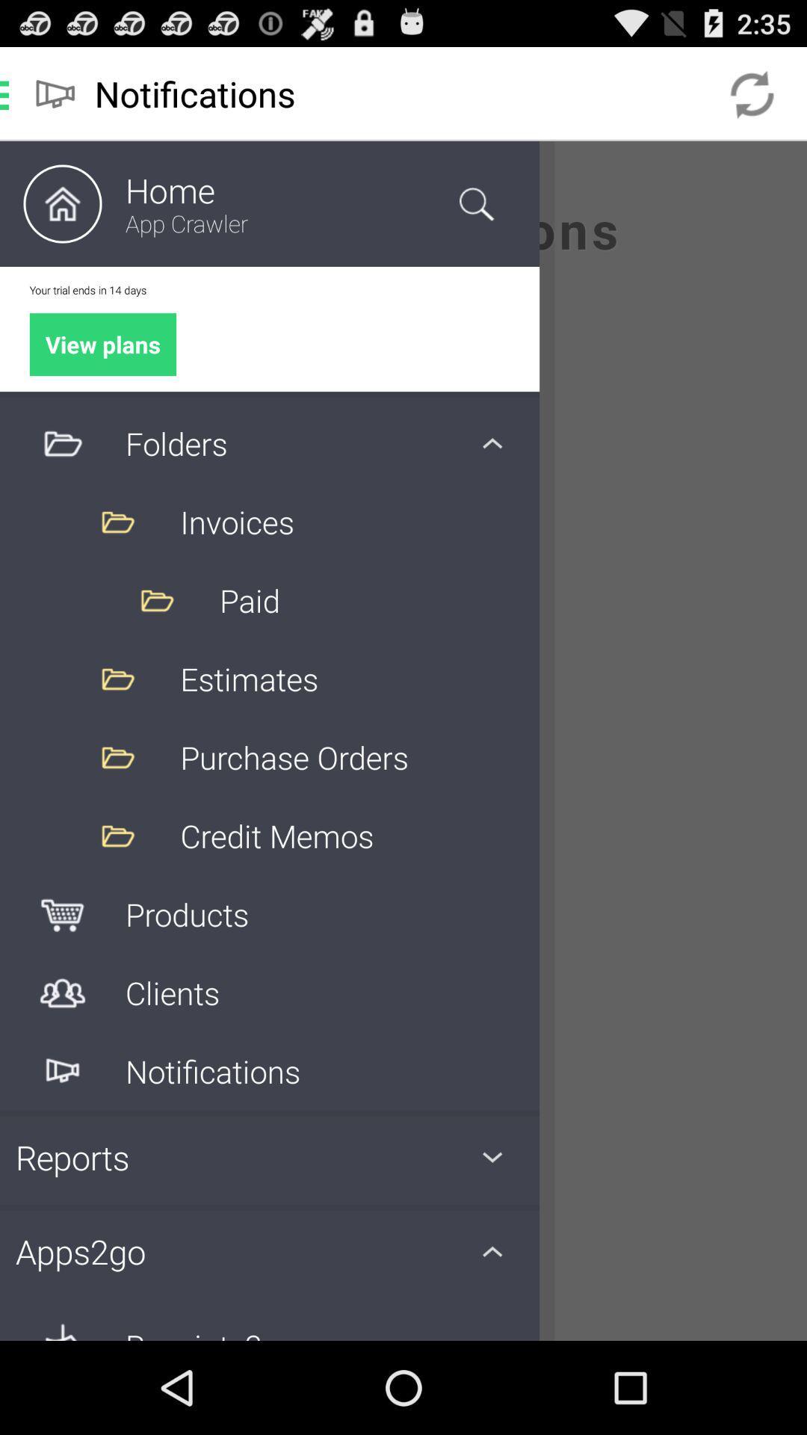 The image size is (807, 1435). I want to click on the home icon, so click(62, 217).